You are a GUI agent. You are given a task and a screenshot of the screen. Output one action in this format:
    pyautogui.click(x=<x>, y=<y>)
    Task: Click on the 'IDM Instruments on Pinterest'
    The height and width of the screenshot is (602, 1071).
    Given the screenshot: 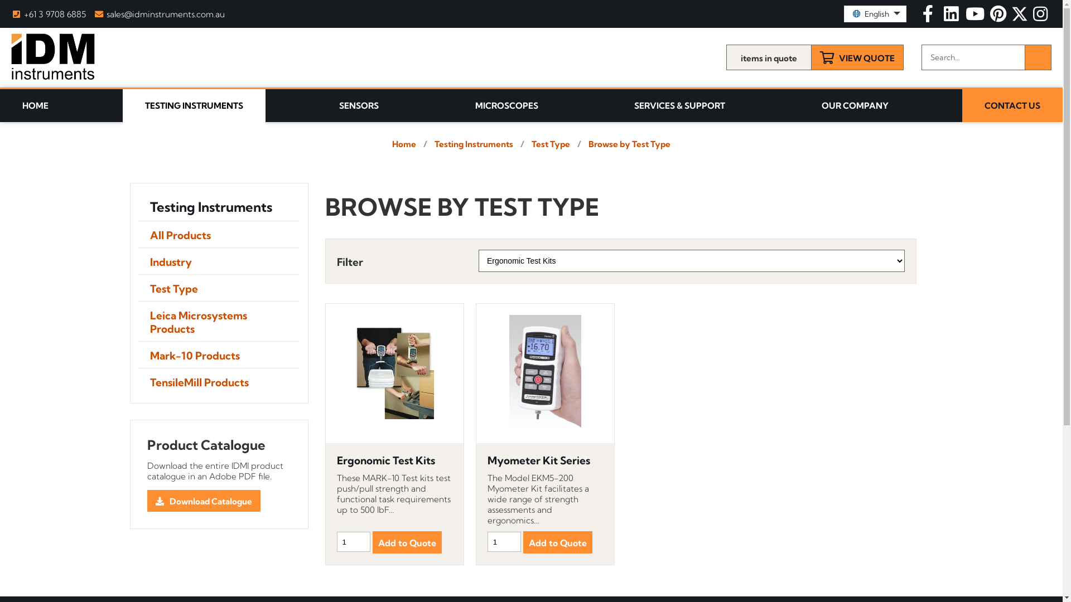 What is the action you would take?
    pyautogui.click(x=999, y=17)
    